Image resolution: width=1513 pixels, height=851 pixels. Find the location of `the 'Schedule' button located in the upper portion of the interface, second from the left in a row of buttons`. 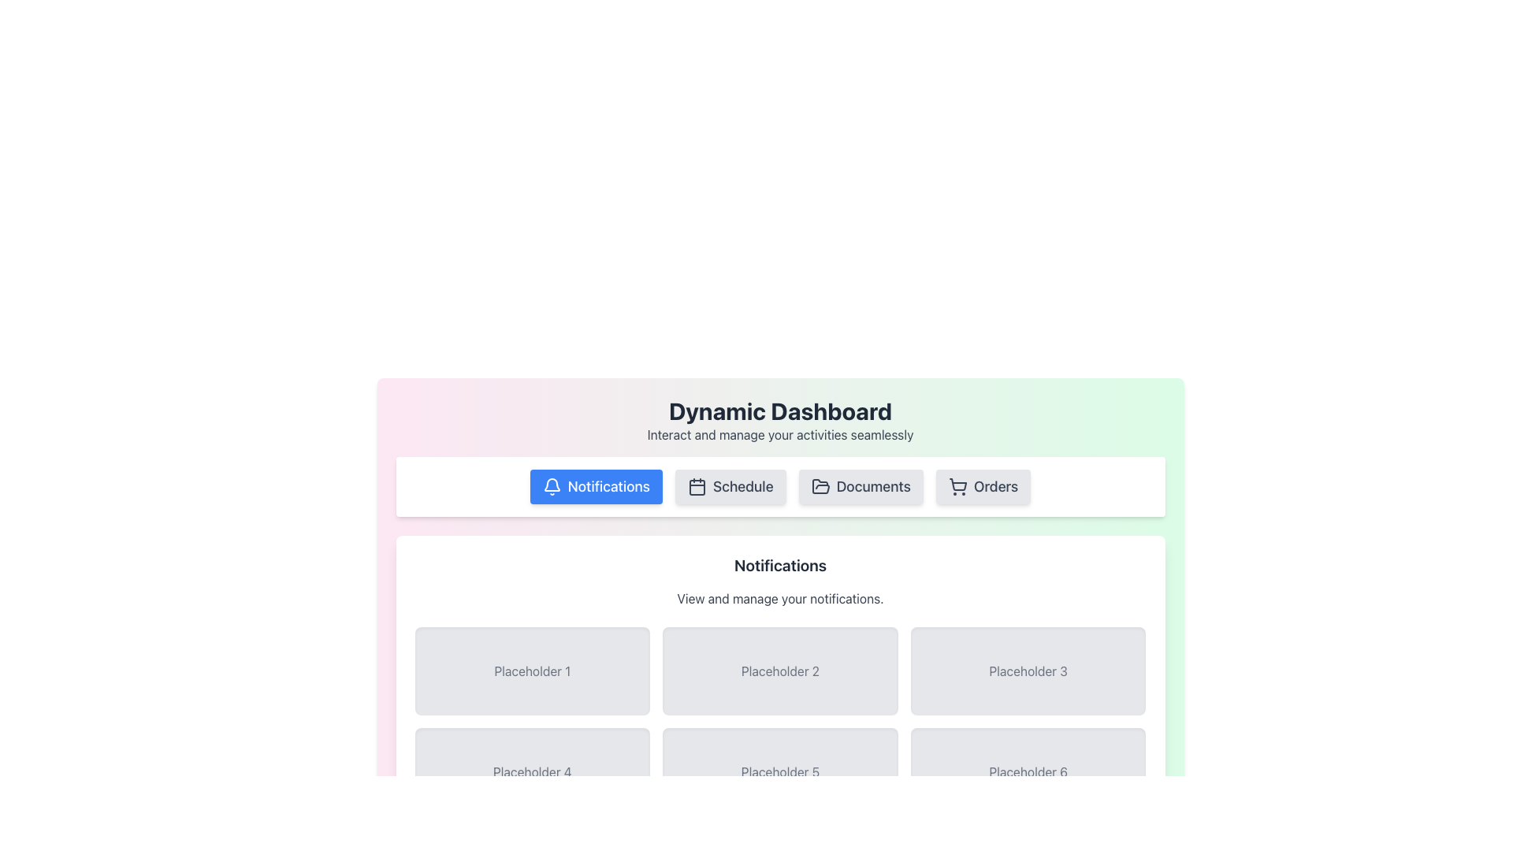

the 'Schedule' button located in the upper portion of the interface, second from the left in a row of buttons is located at coordinates (729, 485).